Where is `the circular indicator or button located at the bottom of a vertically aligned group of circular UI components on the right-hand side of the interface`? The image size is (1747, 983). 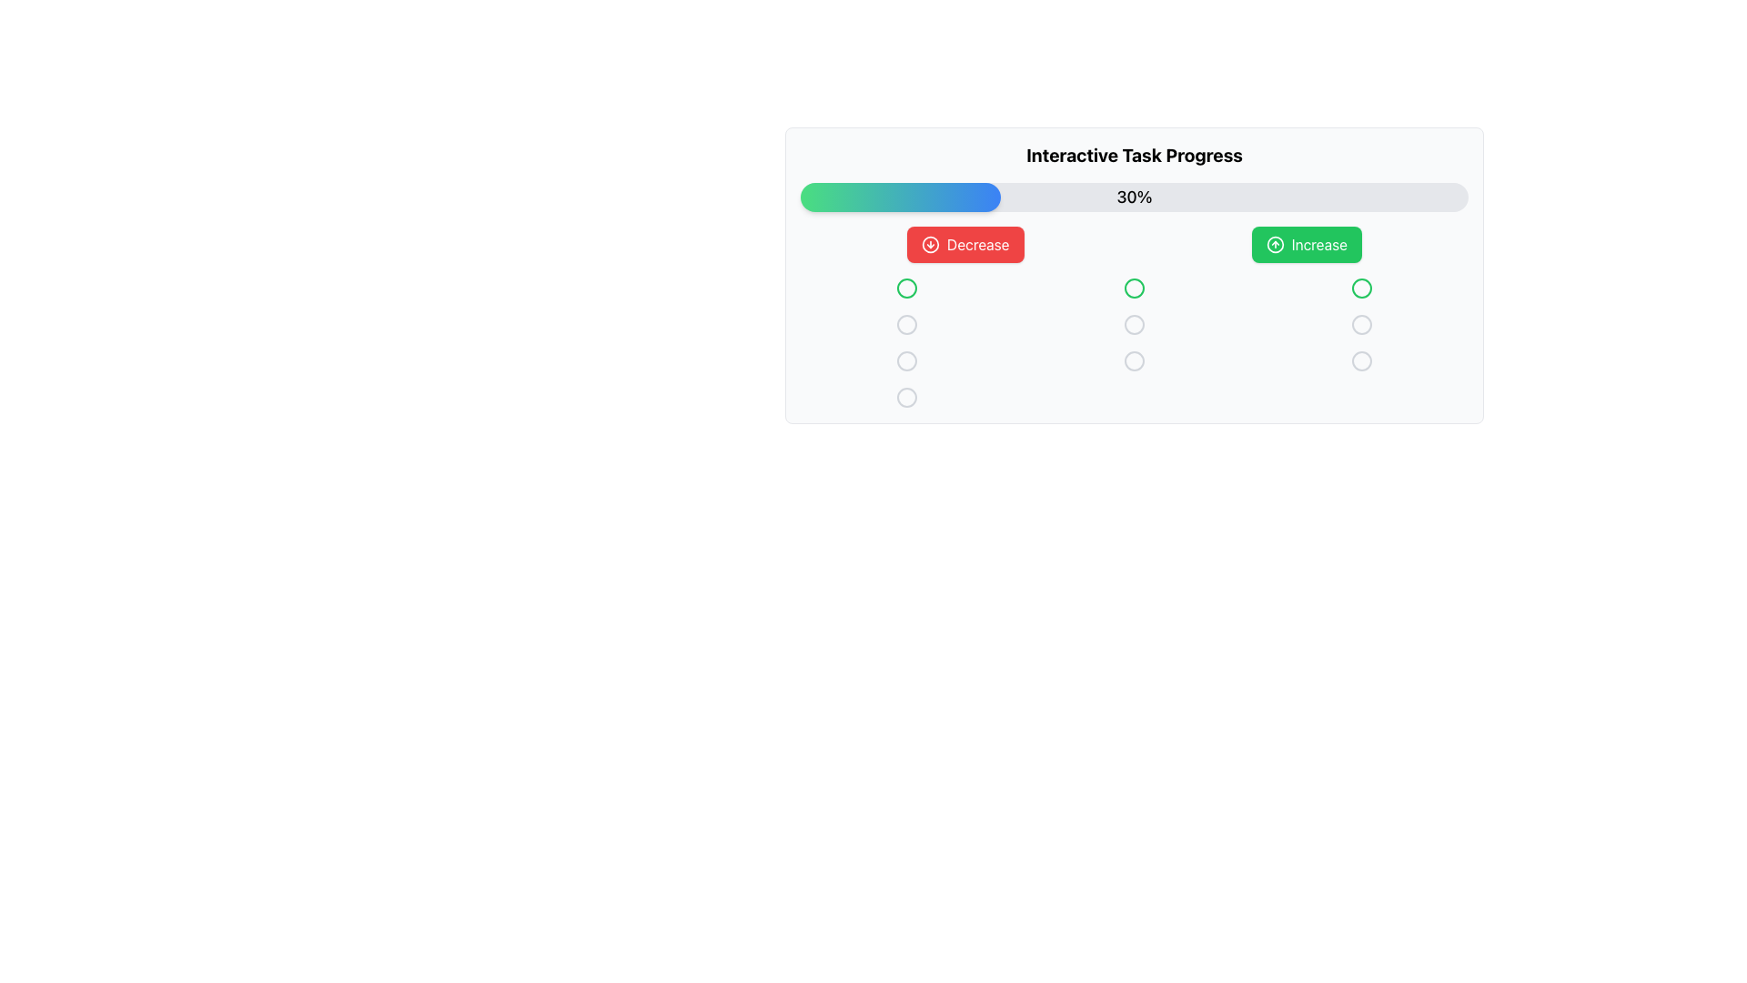 the circular indicator or button located at the bottom of a vertically aligned group of circular UI components on the right-hand side of the interface is located at coordinates (907, 396).